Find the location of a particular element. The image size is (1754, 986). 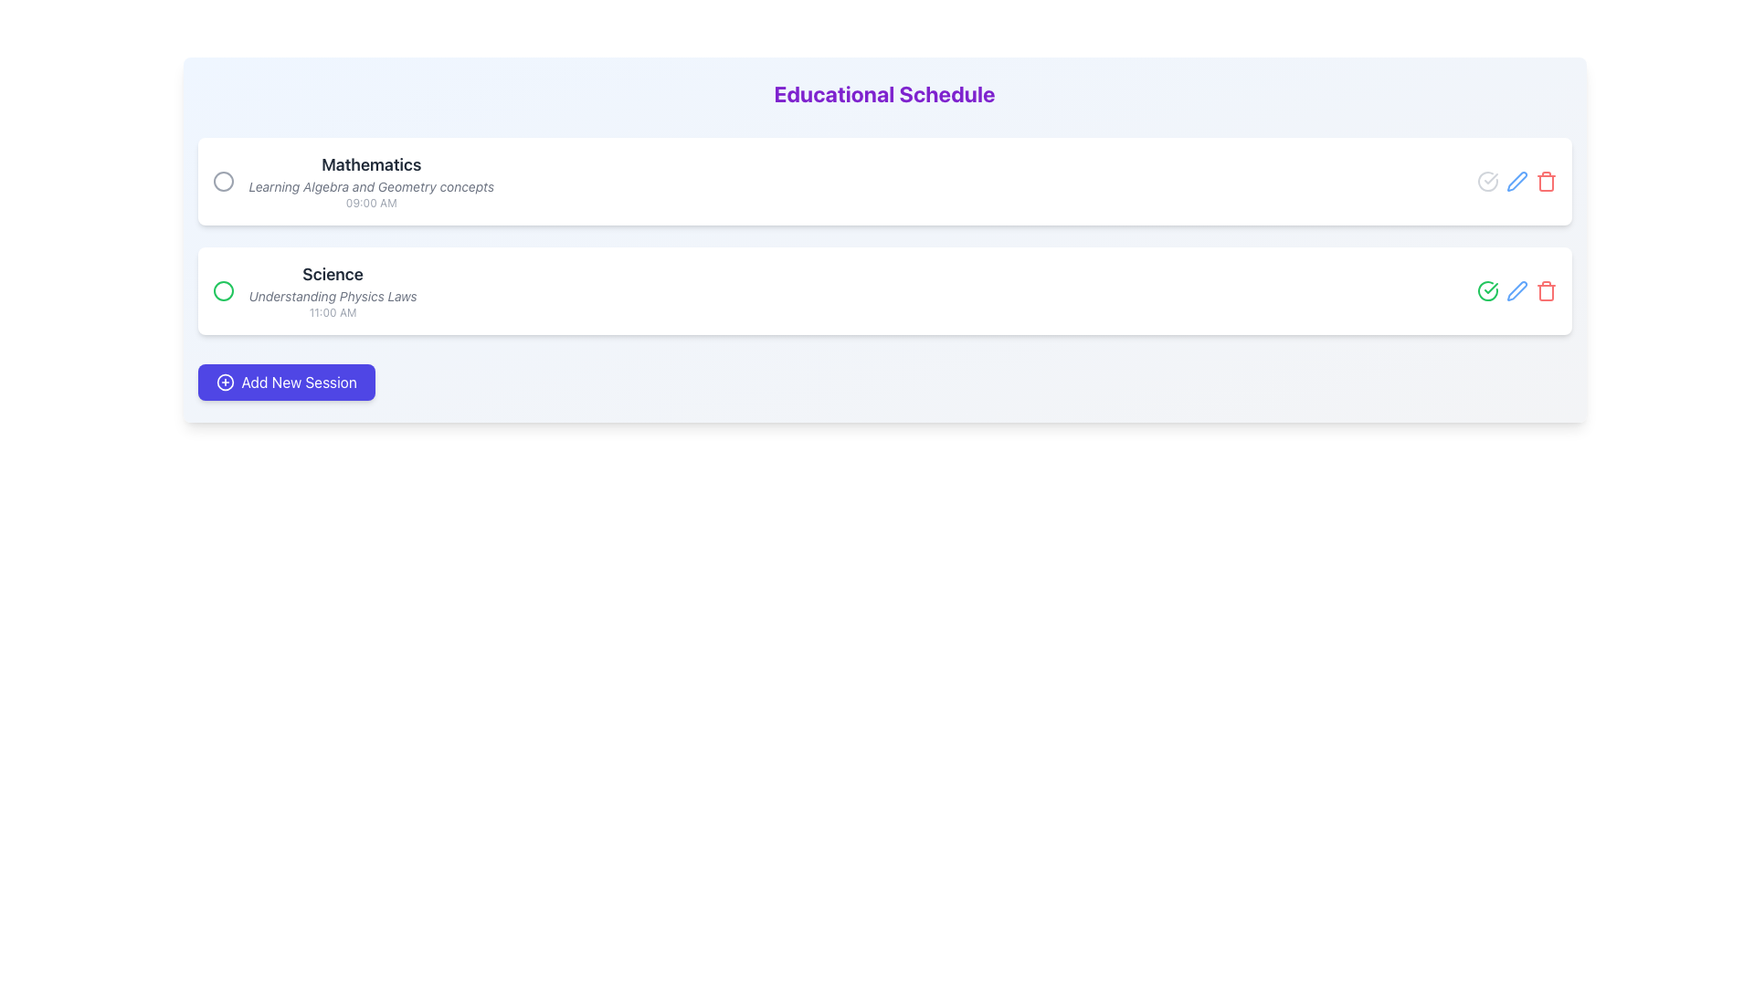

the graphical icon resembling a checkmark crossing a circle located in the second session row labeled 'Science' is located at coordinates (1491, 179).